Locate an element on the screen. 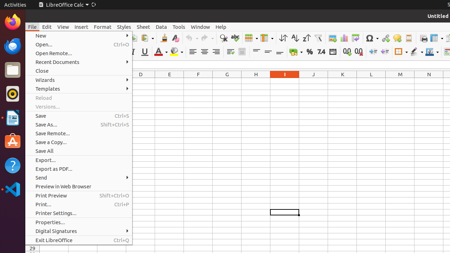 The width and height of the screenshot is (450, 253). 'M1' is located at coordinates (400, 80).